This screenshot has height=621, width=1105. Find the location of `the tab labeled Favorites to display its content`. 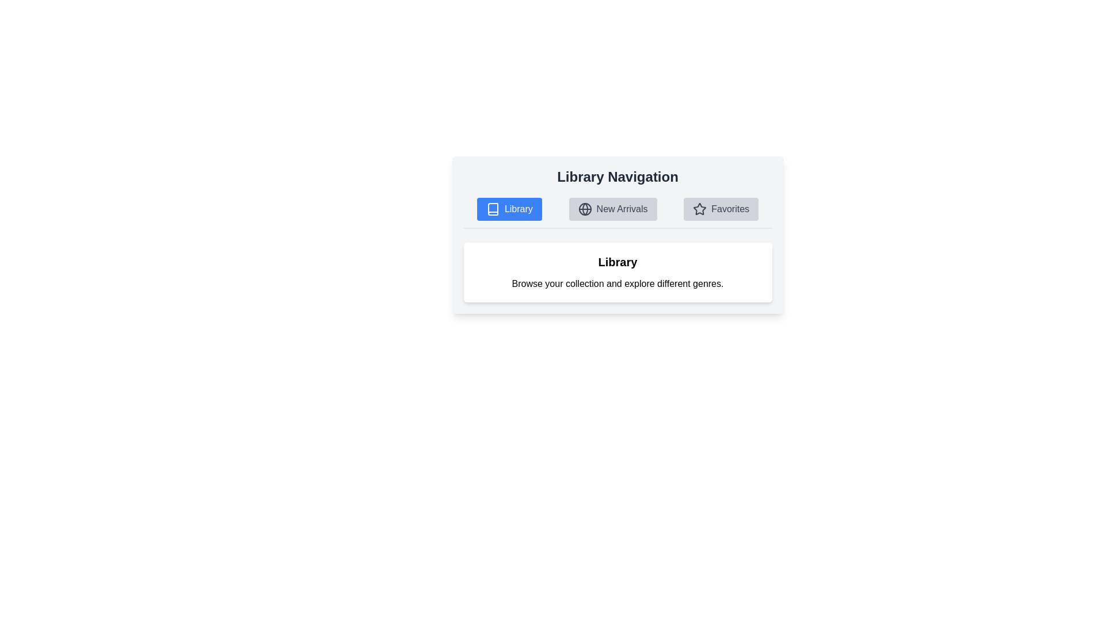

the tab labeled Favorites to display its content is located at coordinates (721, 209).